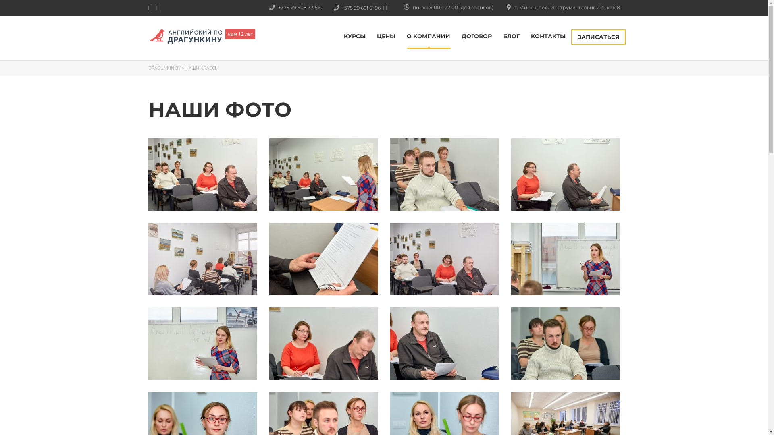 The height and width of the screenshot is (435, 774). Describe the element at coordinates (344, 8) in the screenshot. I see `'+375 29 661 61 96'` at that location.